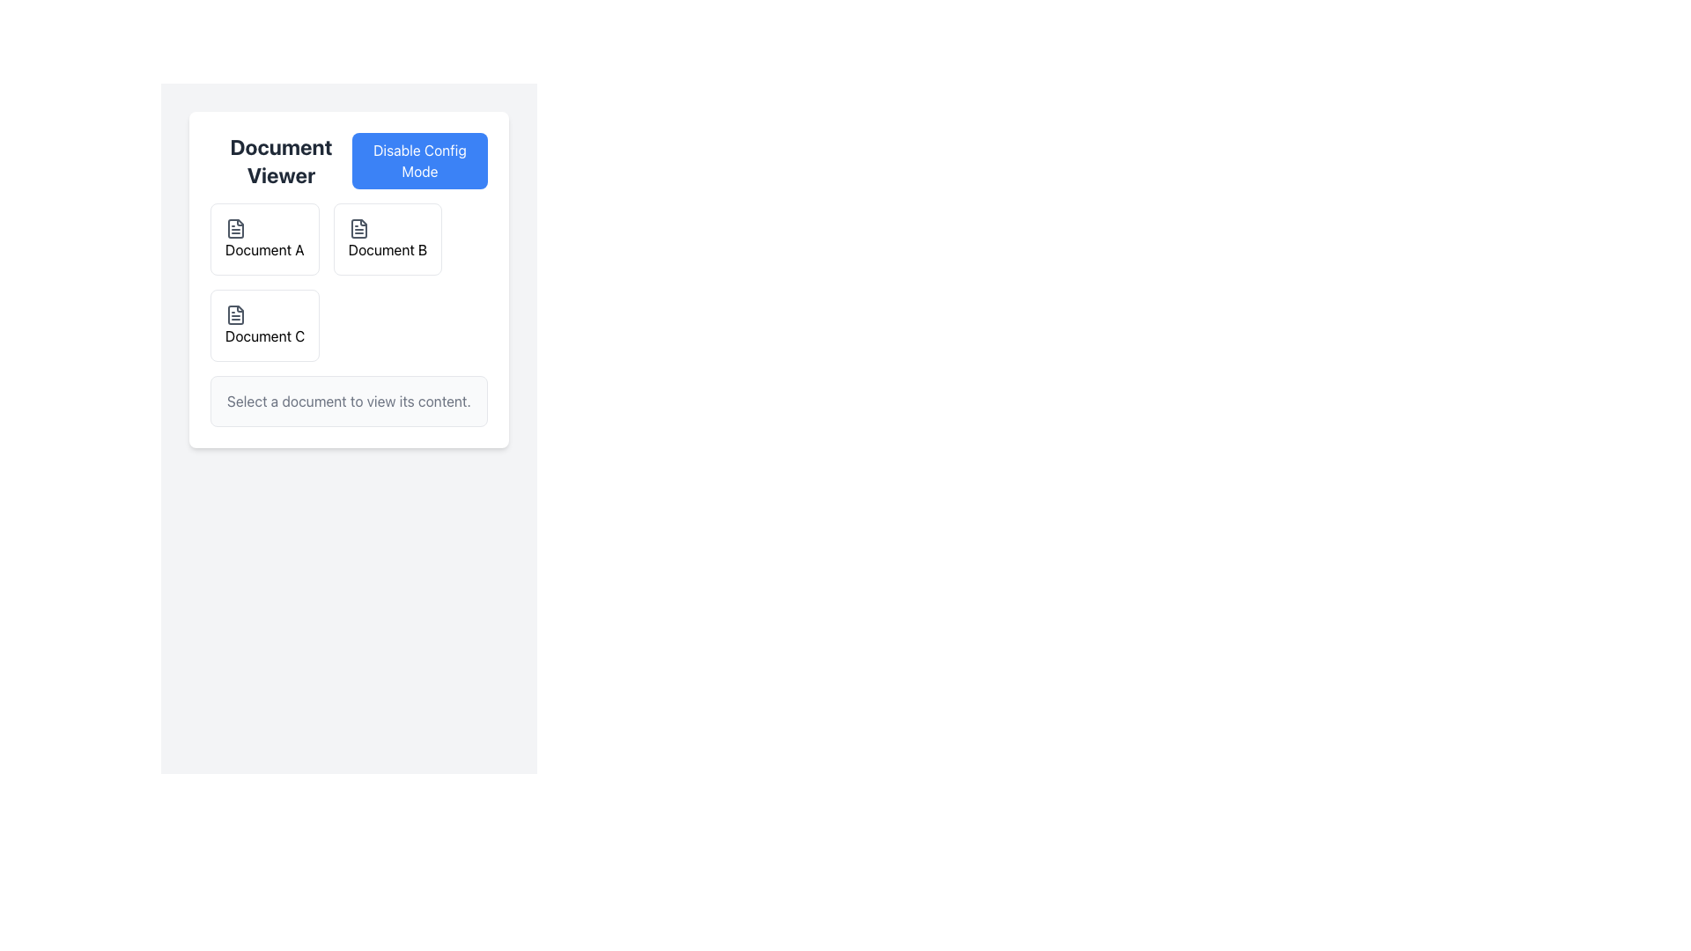 Image resolution: width=1691 pixels, height=951 pixels. Describe the element at coordinates (358, 227) in the screenshot. I see `the second SVG-based document icon located at the top-right in the grid under the 'Document Viewer' section, which represents 'Document B'` at that location.